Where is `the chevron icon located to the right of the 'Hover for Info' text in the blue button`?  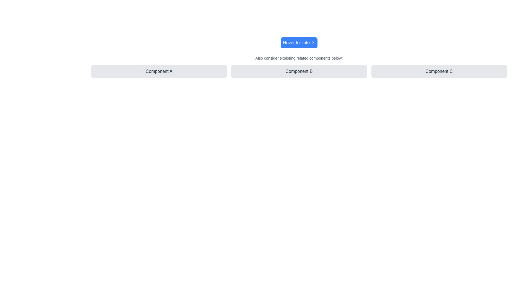 the chevron icon located to the right of the 'Hover for Info' text in the blue button is located at coordinates (313, 42).